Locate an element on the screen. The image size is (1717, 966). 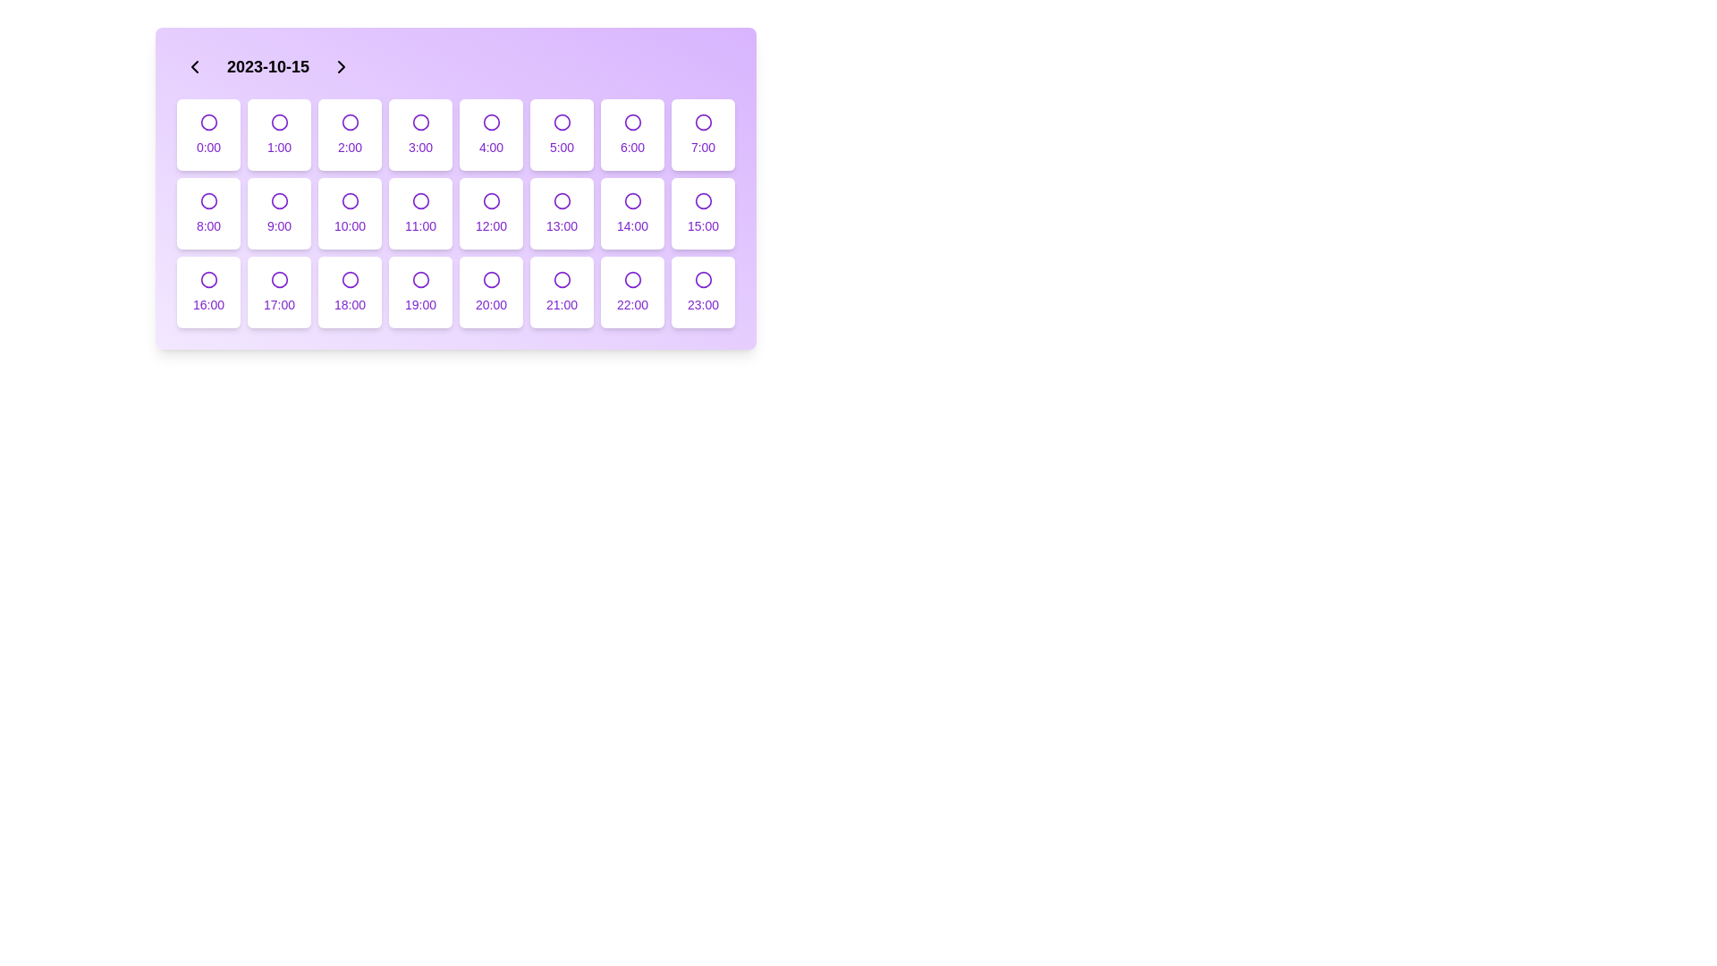
the circular SVG element representing a time slot selection option located in the third row and fourth column of the grid layout is located at coordinates (632, 200).